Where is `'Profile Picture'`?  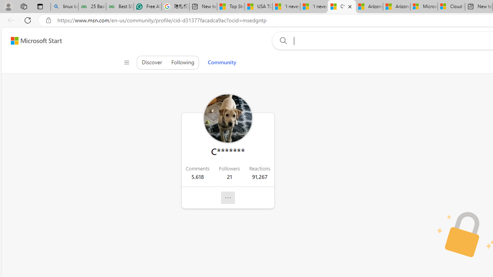
'Profile Picture' is located at coordinates (227, 118).